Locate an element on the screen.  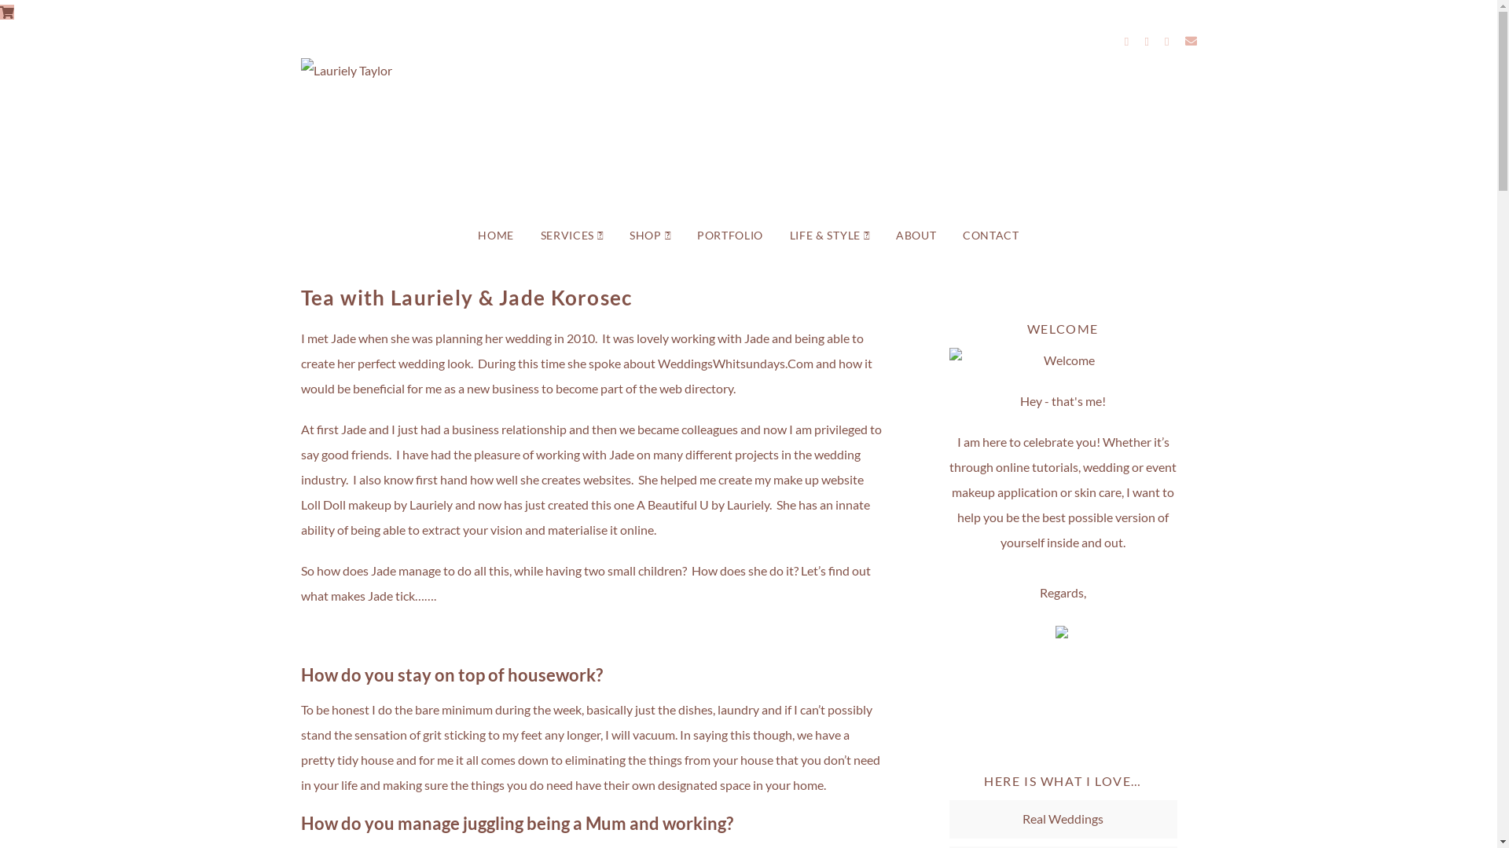
'Facebook' is located at coordinates (1126, 40).